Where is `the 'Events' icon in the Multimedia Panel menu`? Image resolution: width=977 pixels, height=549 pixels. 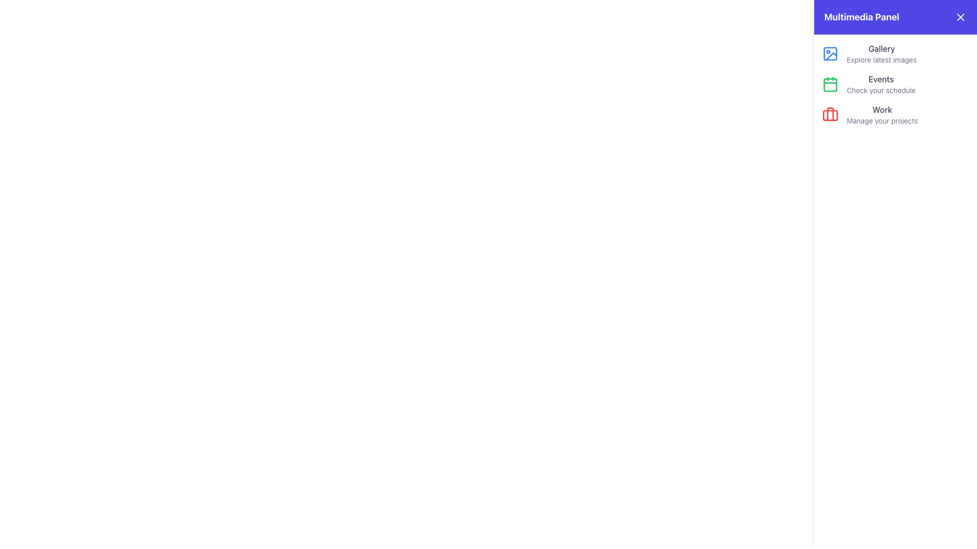
the 'Events' icon in the Multimedia Panel menu is located at coordinates (830, 83).